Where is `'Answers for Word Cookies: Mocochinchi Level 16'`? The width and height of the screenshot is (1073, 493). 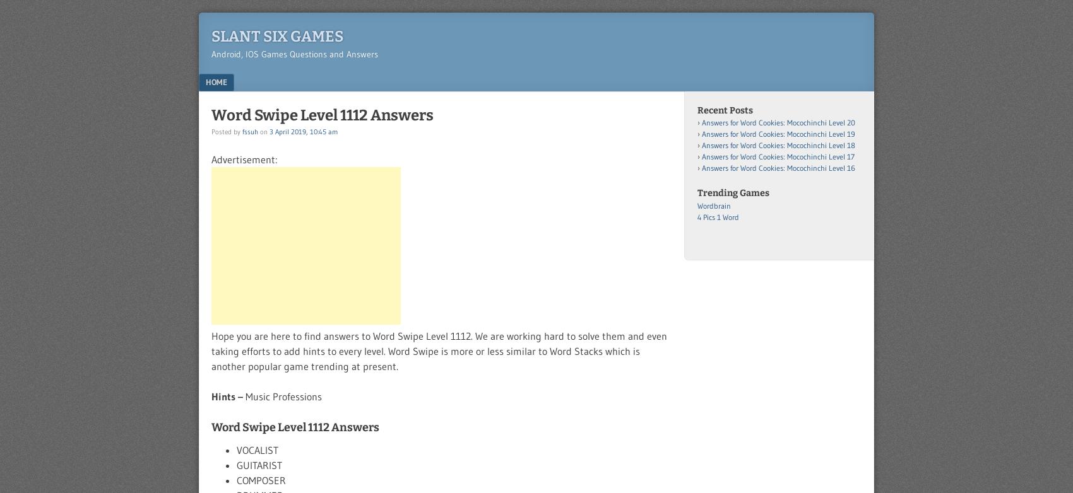
'Answers for Word Cookies: Mocochinchi Level 16' is located at coordinates (778, 167).